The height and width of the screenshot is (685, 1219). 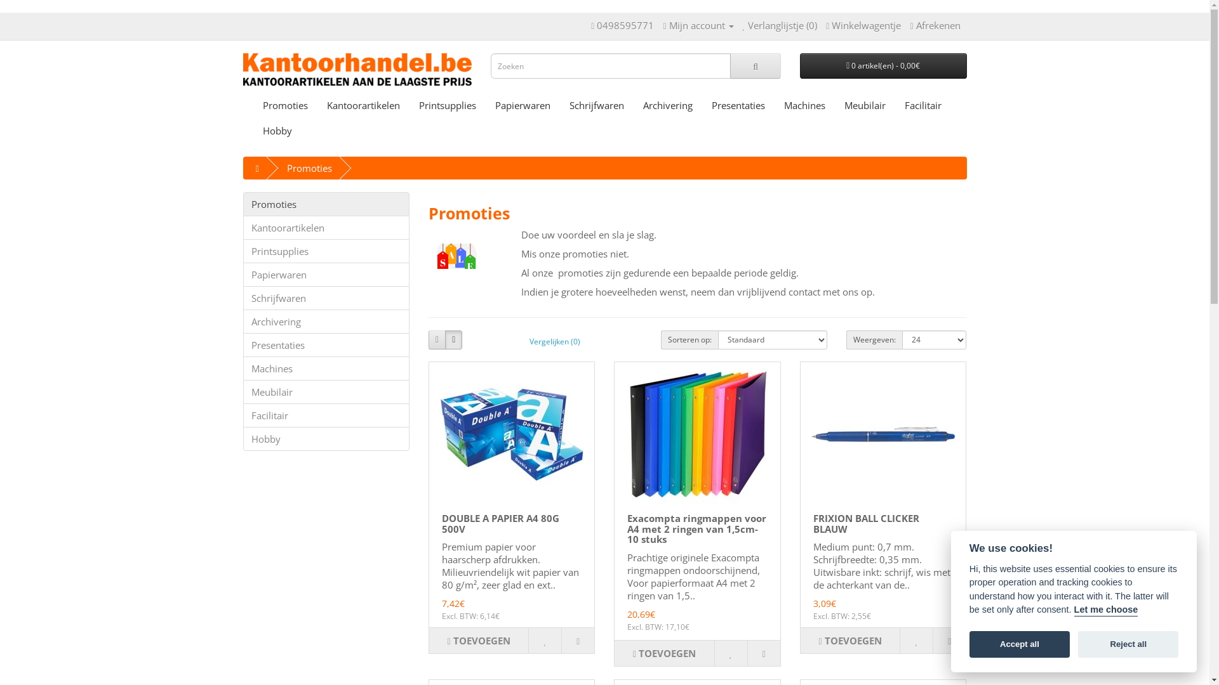 What do you see at coordinates (554, 340) in the screenshot?
I see `'Vergelijken (0)'` at bounding box center [554, 340].